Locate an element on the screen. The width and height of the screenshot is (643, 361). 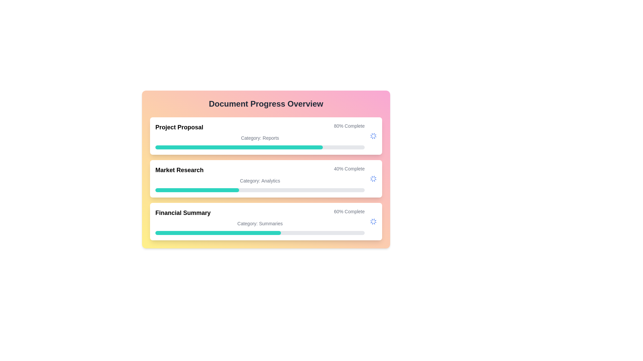
the text label displaying 'Category: Summaries' that is located beneath the progress label '60% Complete' is located at coordinates (260, 223).